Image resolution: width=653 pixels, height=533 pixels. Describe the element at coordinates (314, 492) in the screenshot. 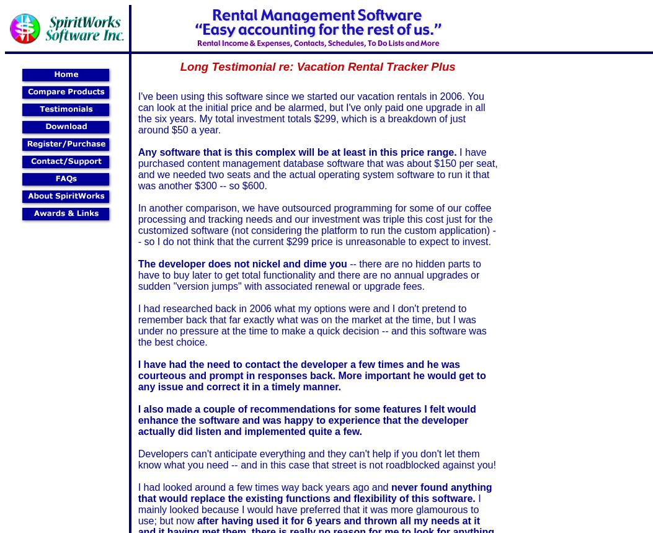

I see `'never found anything that would replace the existing functions and flexibility of this software.'` at that location.